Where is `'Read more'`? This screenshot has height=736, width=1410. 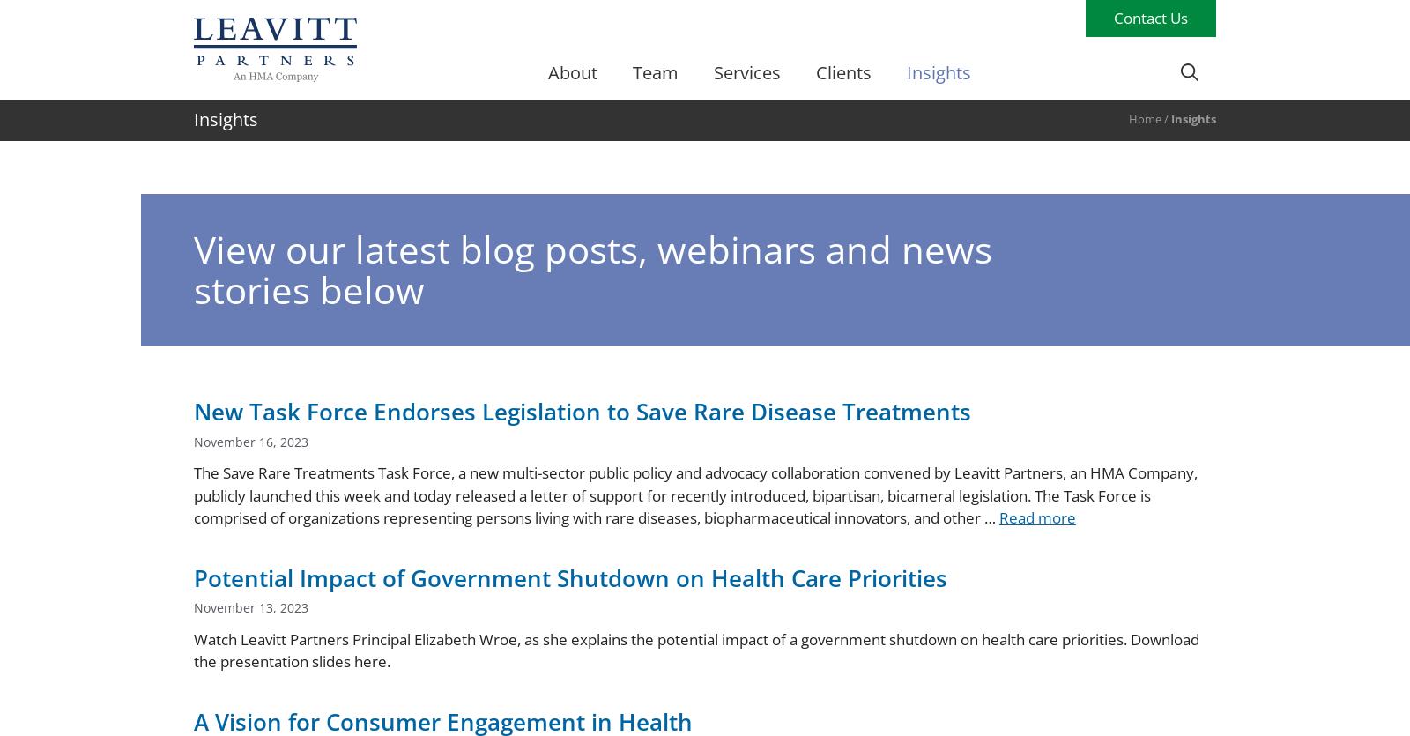
'Read more' is located at coordinates (1037, 517).